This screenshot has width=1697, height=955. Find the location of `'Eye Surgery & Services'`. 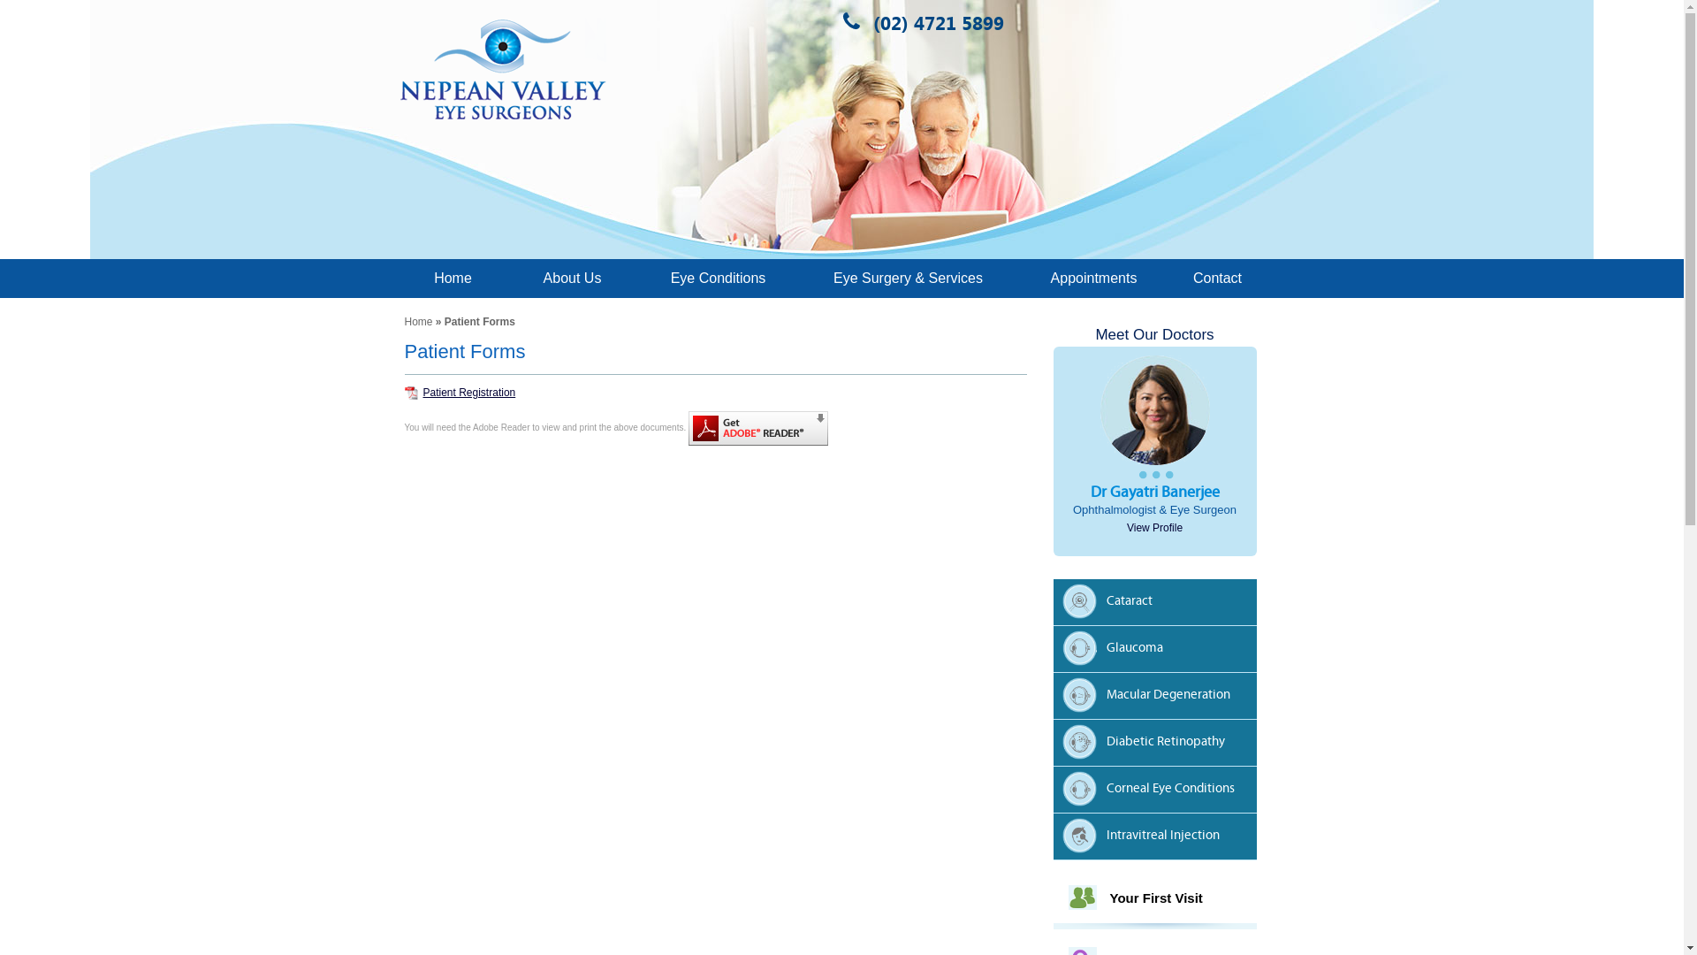

'Eye Surgery & Services' is located at coordinates (796, 278).